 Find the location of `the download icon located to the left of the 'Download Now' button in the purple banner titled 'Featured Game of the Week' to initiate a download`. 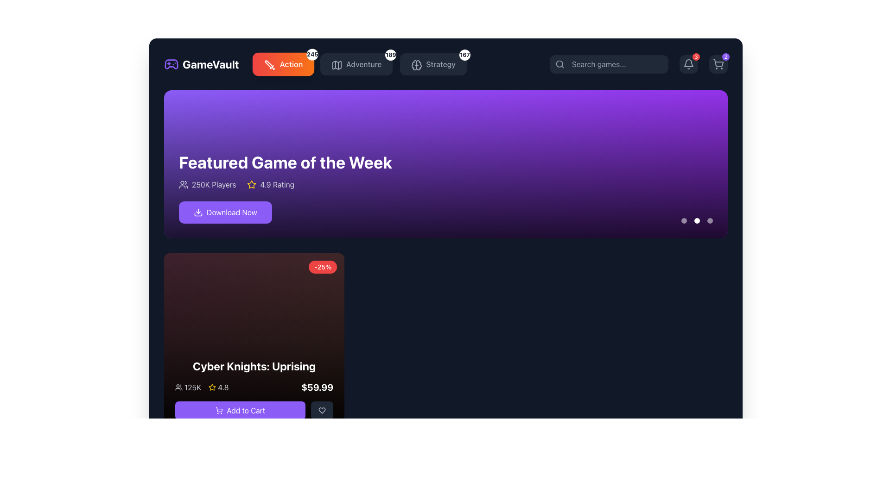

the download icon located to the left of the 'Download Now' button in the purple banner titled 'Featured Game of the Week' to initiate a download is located at coordinates (197, 212).